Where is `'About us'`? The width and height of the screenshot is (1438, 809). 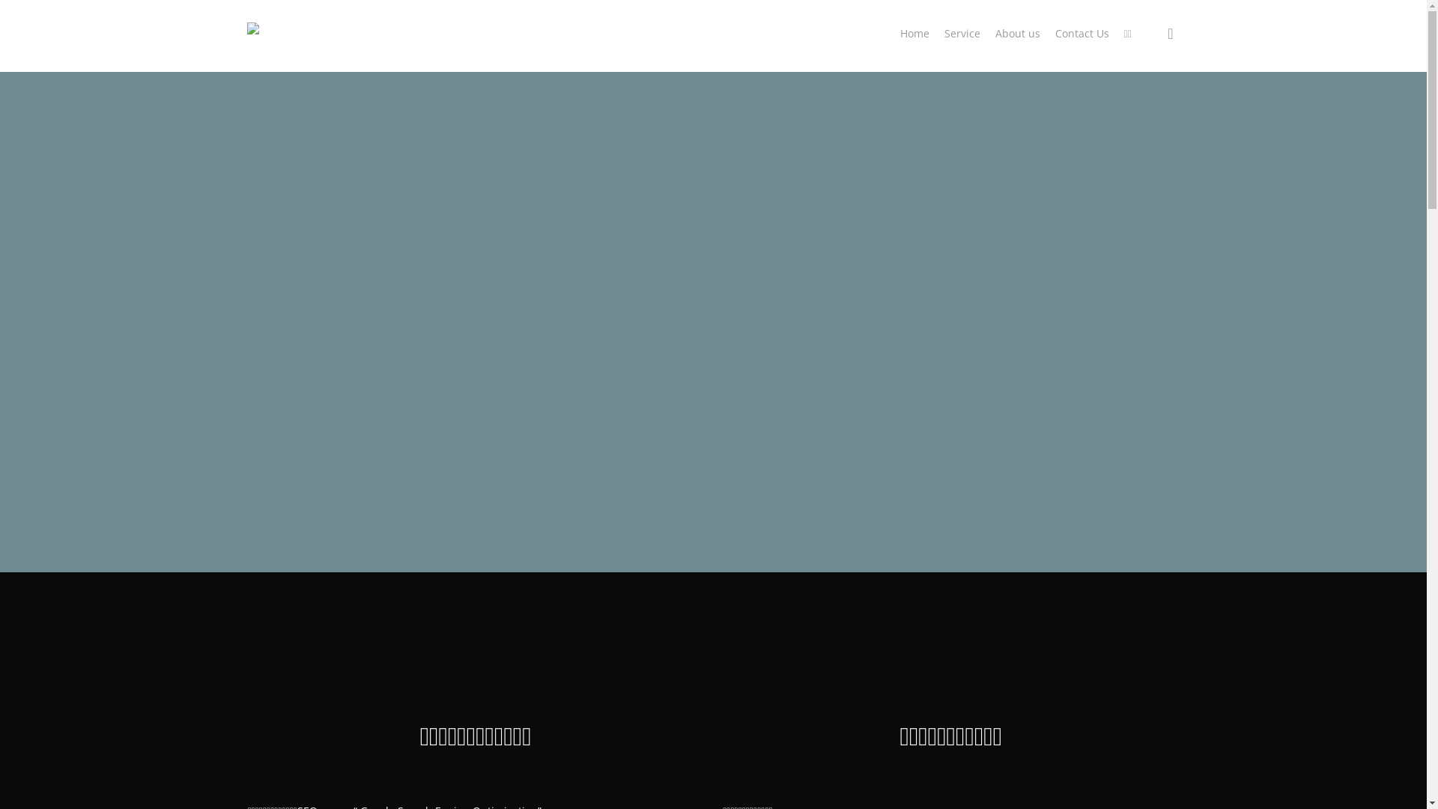
'About us' is located at coordinates (1017, 34).